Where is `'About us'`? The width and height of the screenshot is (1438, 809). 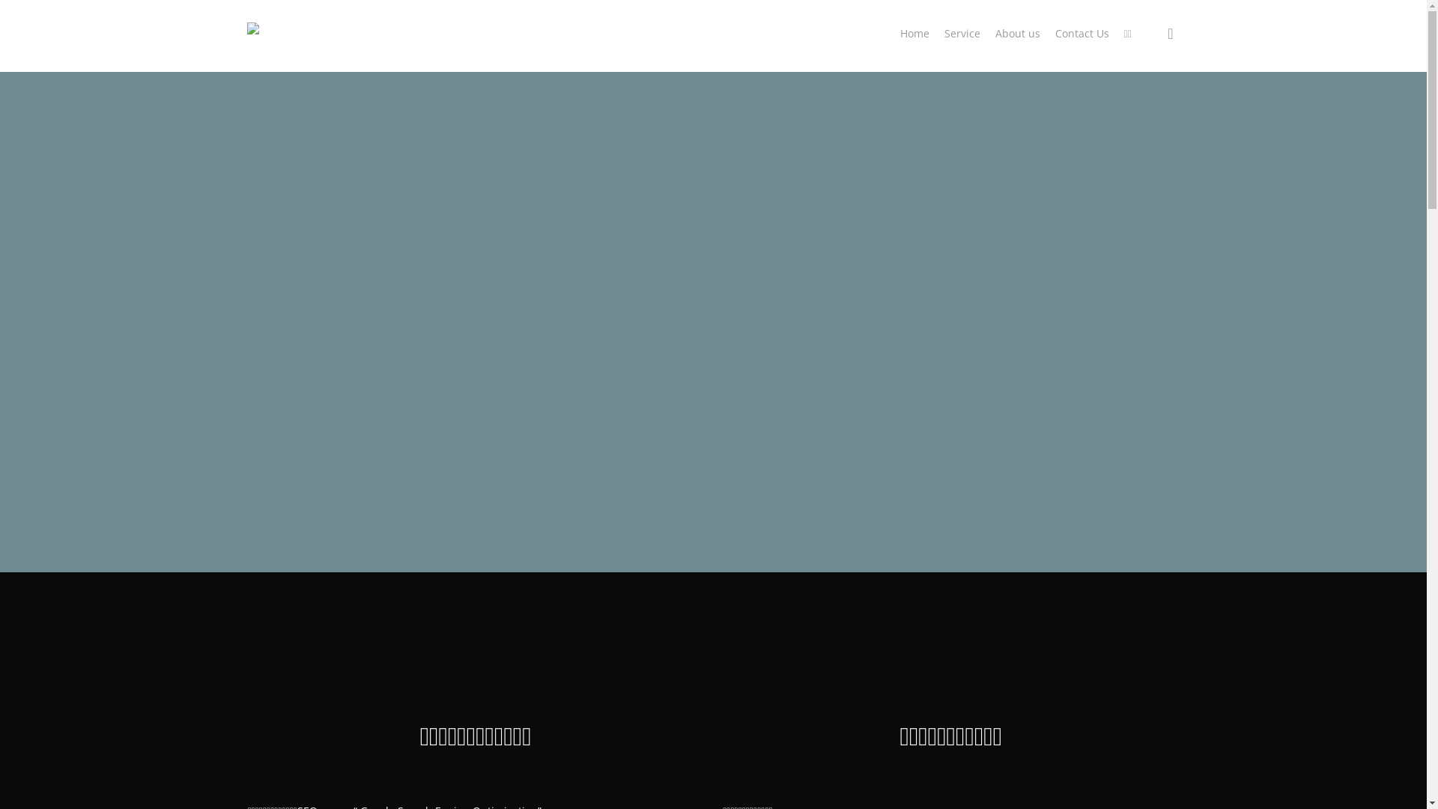
'About us' is located at coordinates (1017, 34).